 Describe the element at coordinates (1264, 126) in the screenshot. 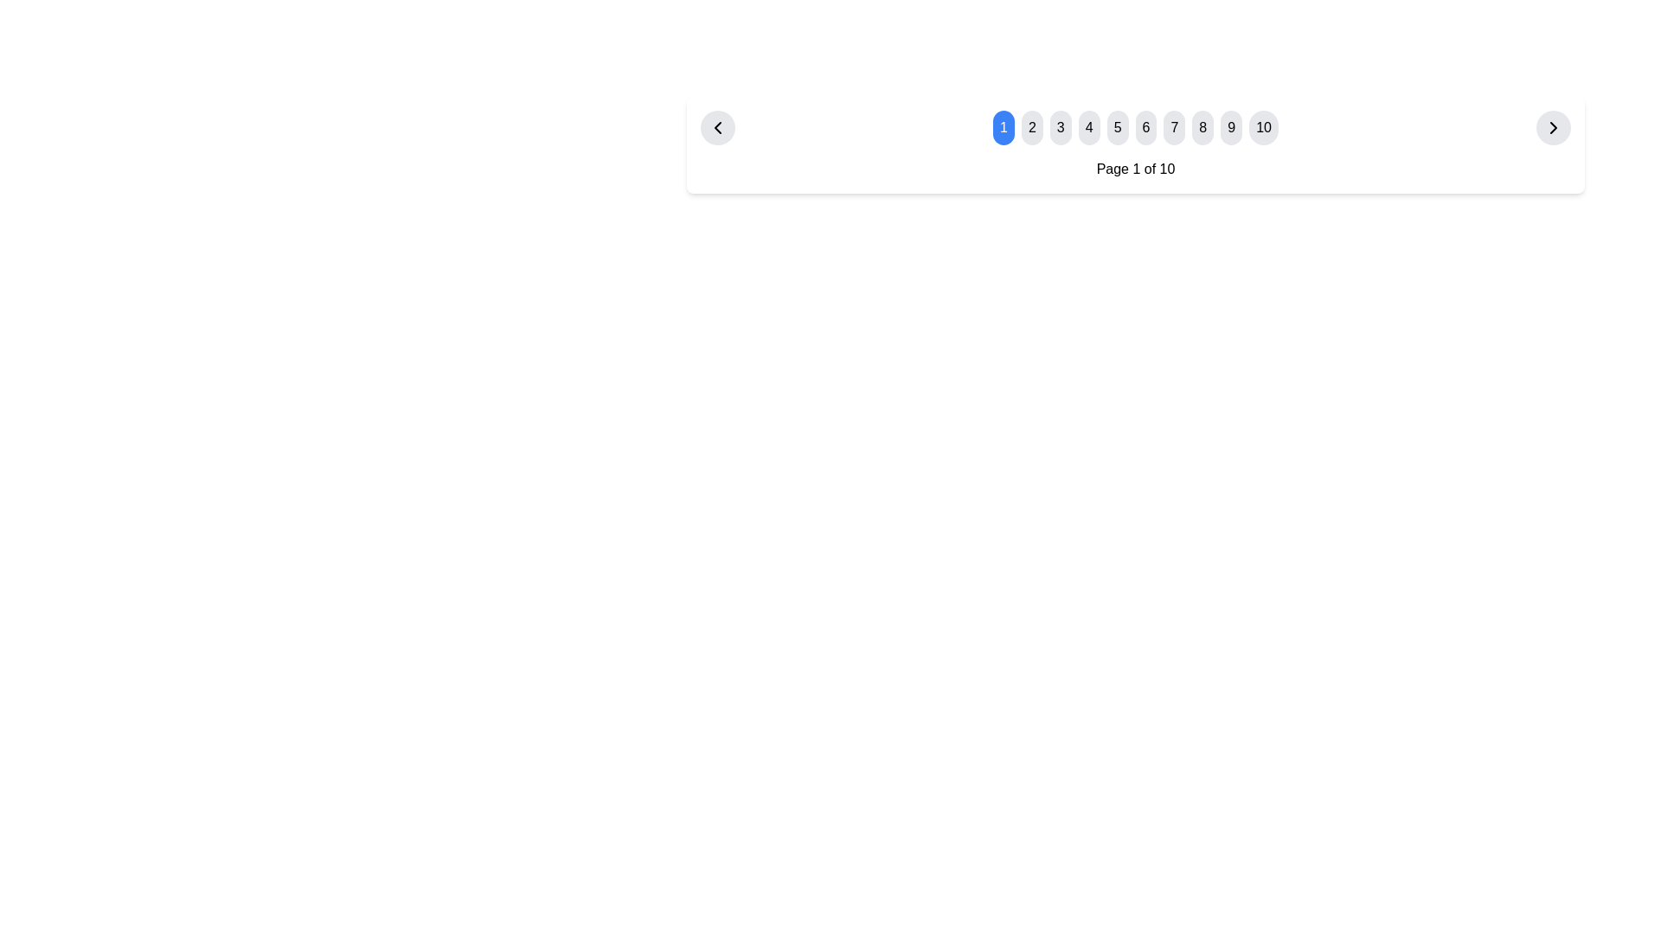

I see `the circular button with a light gray background and black text displaying the number '10'` at that location.